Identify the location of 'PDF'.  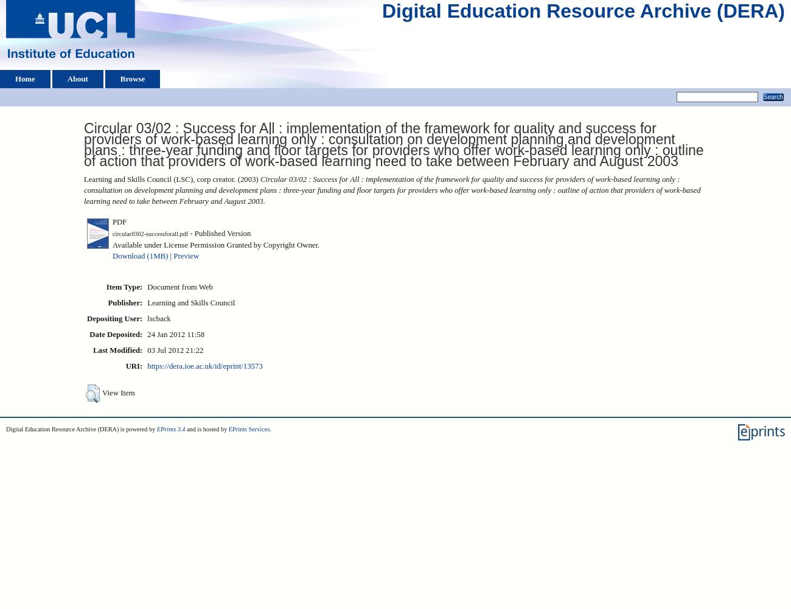
(119, 220).